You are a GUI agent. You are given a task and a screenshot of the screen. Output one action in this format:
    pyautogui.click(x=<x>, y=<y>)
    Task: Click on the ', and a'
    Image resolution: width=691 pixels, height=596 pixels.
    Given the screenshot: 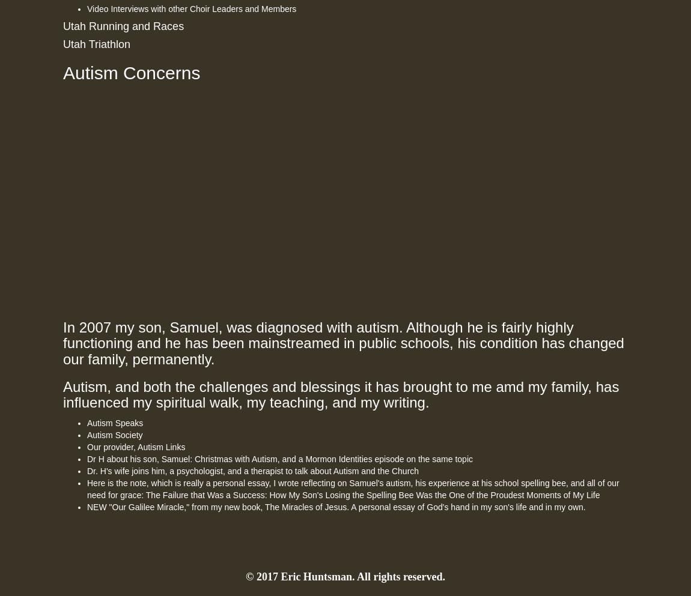 What is the action you would take?
    pyautogui.click(x=291, y=458)
    